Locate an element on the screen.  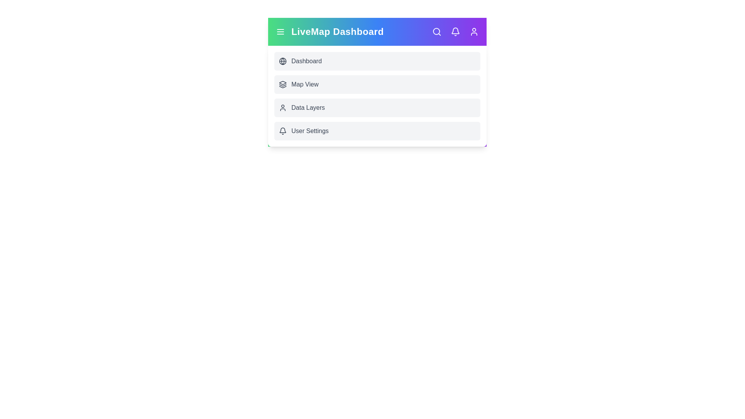
the interactive element User Settings Menu Item to view its visual feedback is located at coordinates (377, 131).